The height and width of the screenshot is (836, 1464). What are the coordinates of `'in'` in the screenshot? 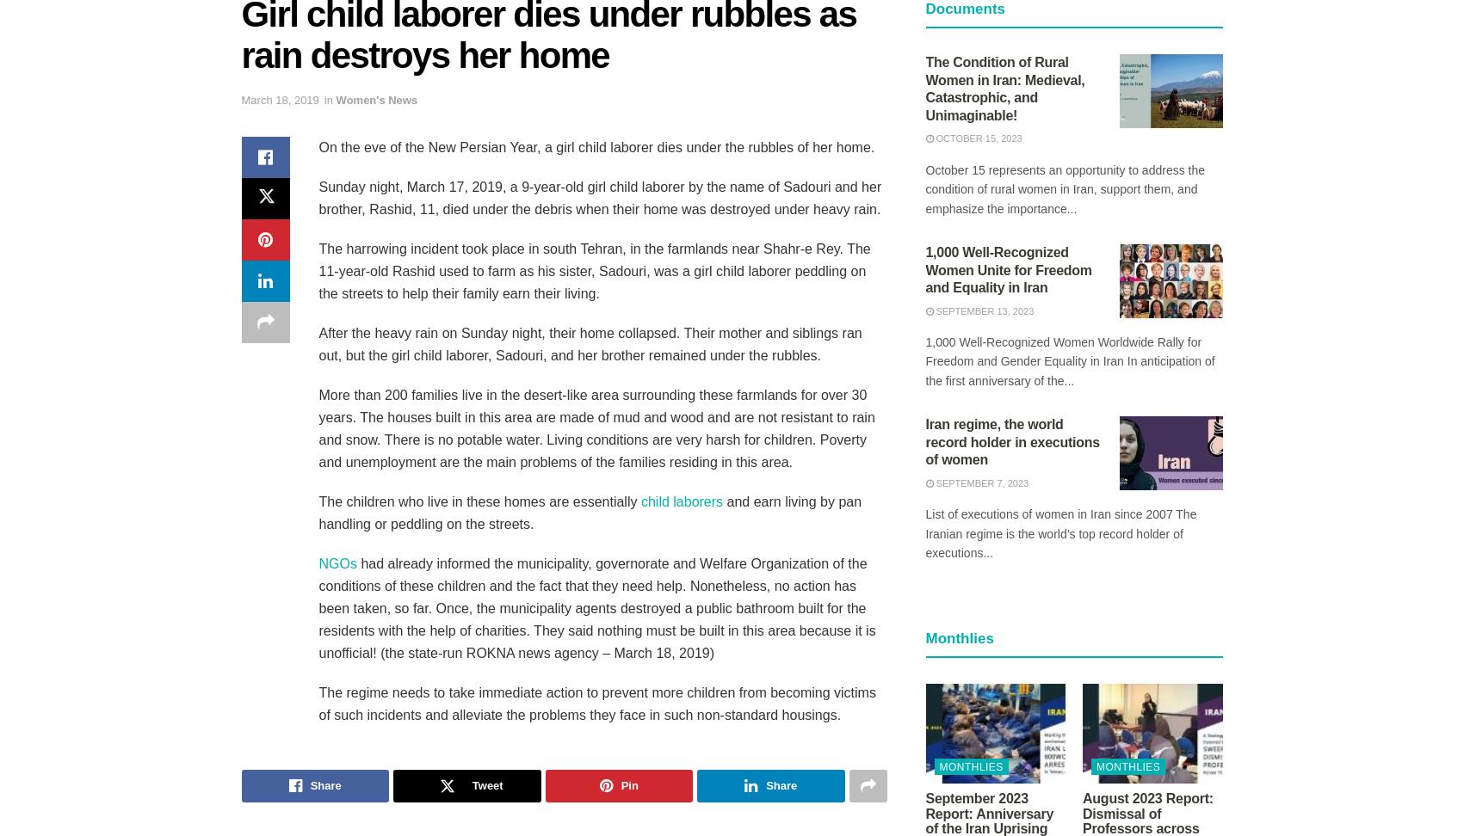 It's located at (327, 99).